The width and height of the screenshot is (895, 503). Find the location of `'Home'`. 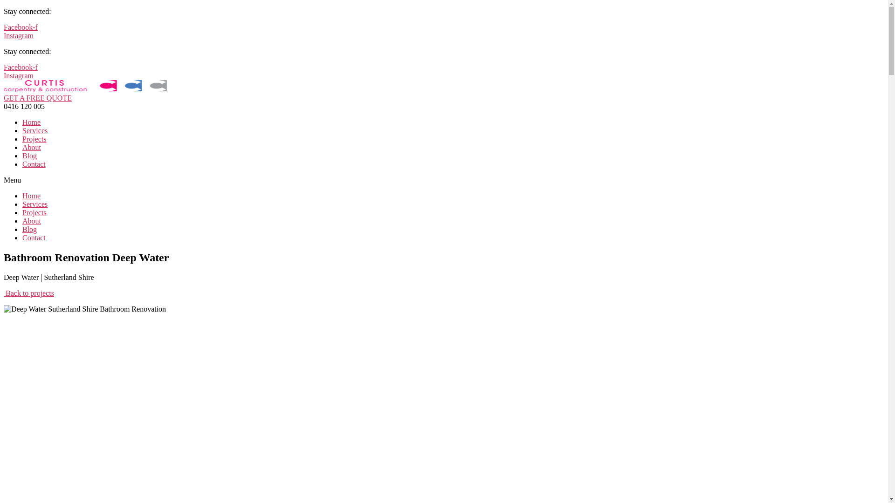

'Home' is located at coordinates (22, 195).